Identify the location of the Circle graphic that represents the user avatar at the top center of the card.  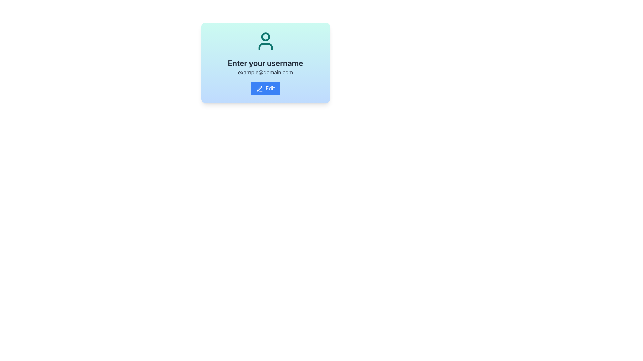
(265, 37).